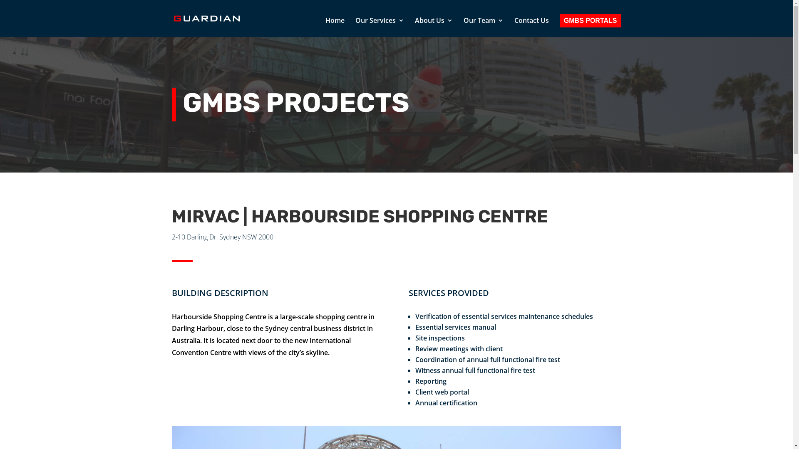  What do you see at coordinates (483, 27) in the screenshot?
I see `'Our Team'` at bounding box center [483, 27].